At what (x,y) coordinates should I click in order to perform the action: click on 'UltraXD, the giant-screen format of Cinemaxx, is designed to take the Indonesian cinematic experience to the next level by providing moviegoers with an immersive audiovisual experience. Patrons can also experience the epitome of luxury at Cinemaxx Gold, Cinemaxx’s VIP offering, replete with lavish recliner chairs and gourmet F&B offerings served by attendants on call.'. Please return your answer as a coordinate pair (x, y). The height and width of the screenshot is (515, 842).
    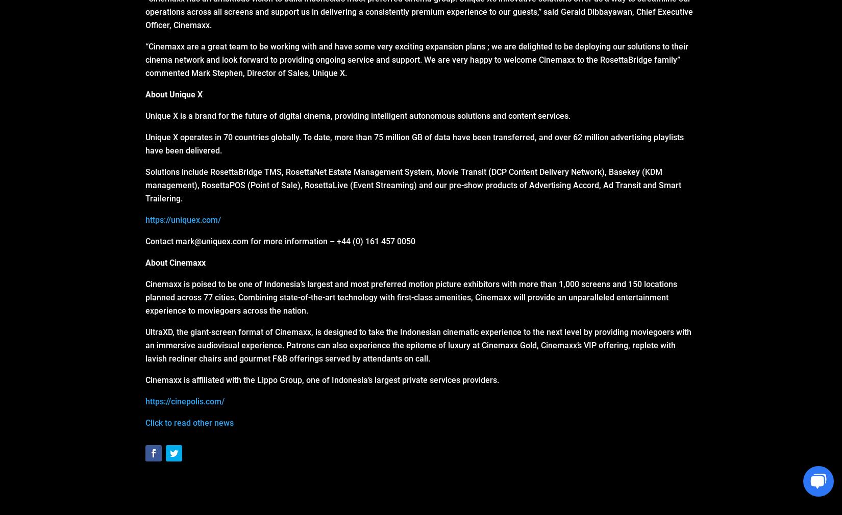
    Looking at the image, I should click on (145, 345).